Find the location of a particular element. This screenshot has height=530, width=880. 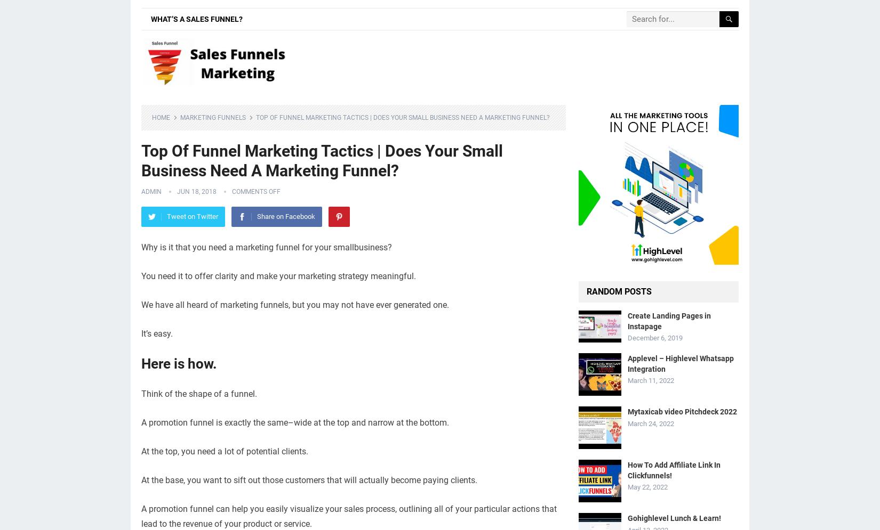

'admin' is located at coordinates (151, 190).